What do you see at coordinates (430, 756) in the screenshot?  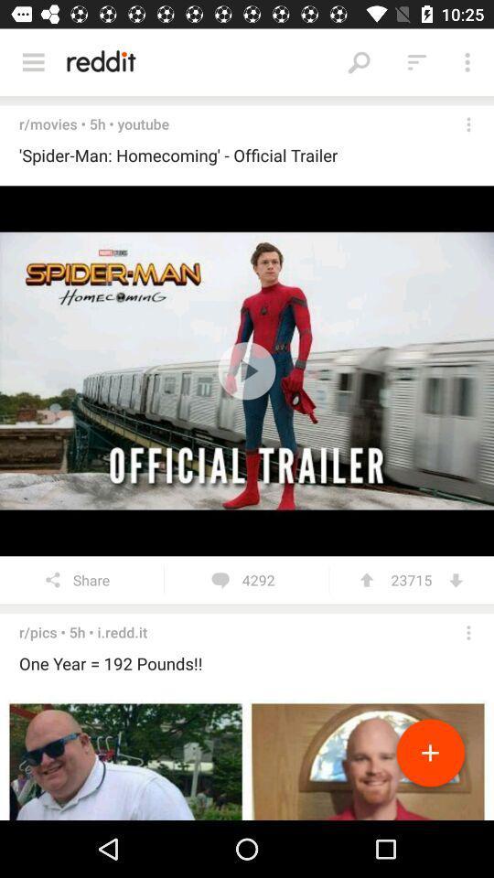 I see `to playlist` at bounding box center [430, 756].